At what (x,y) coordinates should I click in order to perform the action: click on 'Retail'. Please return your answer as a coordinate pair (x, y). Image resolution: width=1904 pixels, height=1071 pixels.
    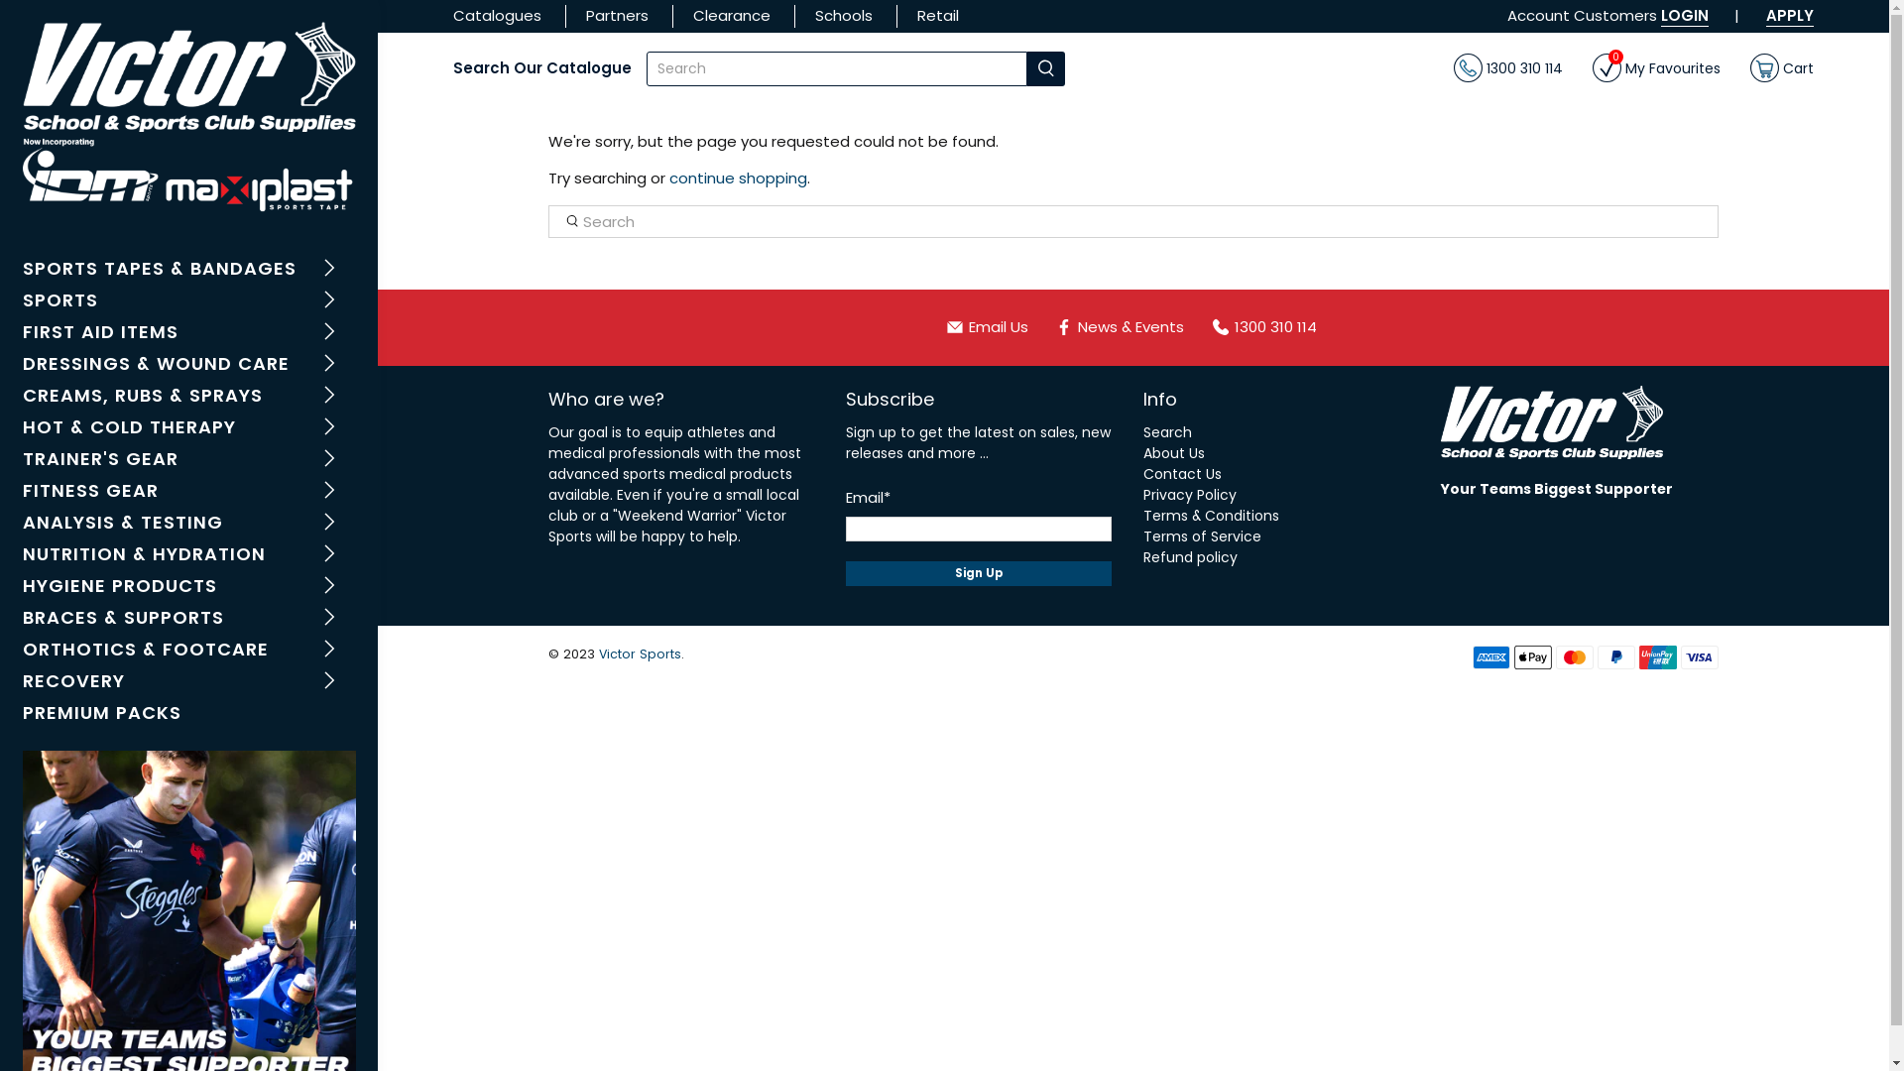
    Looking at the image, I should click on (936, 15).